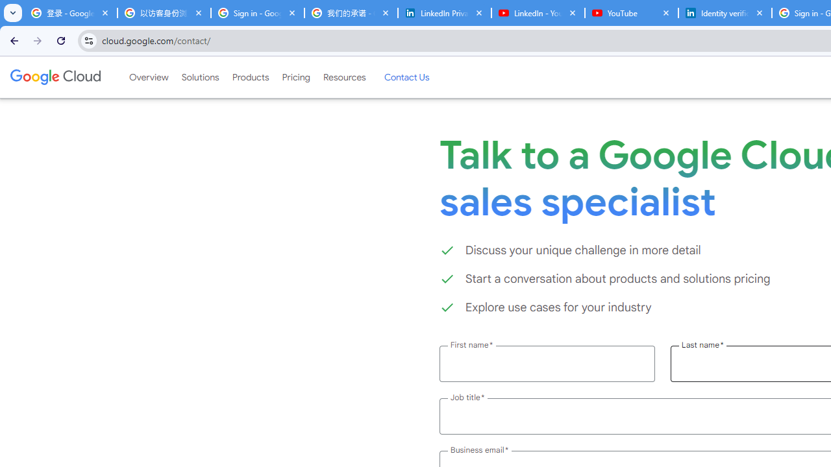 The width and height of the screenshot is (831, 467). What do you see at coordinates (406, 77) in the screenshot?
I see `'Contact Us'` at bounding box center [406, 77].